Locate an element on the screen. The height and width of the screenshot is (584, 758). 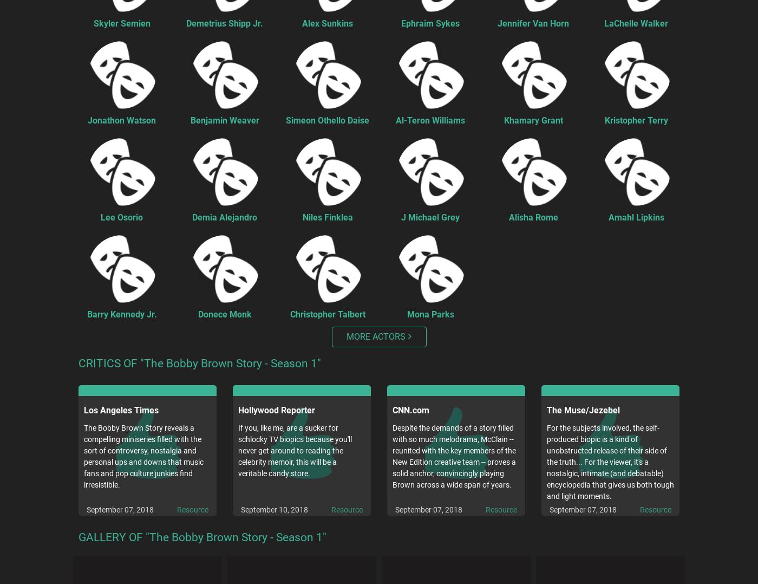
'Ephraim Sykes' is located at coordinates (401, 23).